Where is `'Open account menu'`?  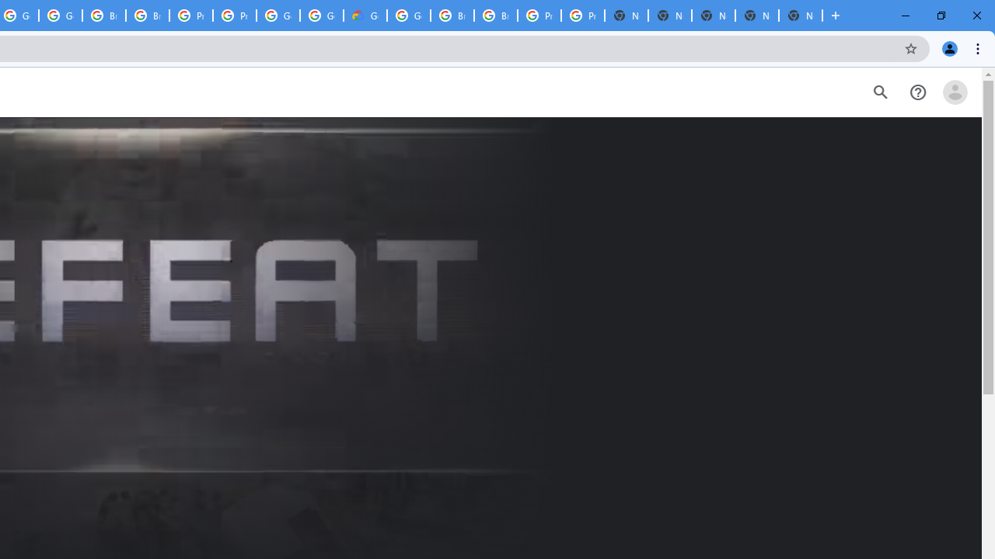
'Open account menu' is located at coordinates (954, 92).